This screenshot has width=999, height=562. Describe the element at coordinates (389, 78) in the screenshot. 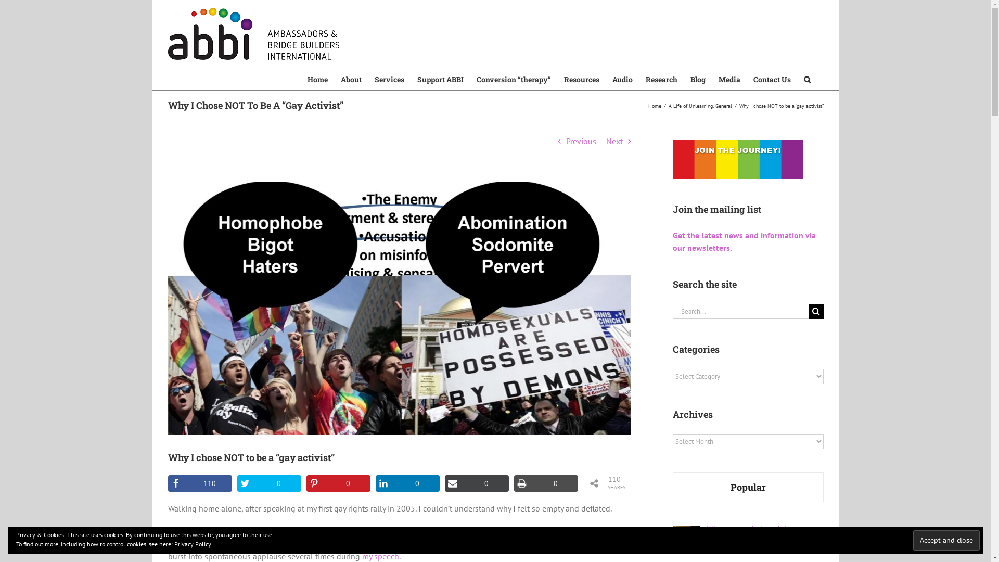

I see `'Services'` at that location.